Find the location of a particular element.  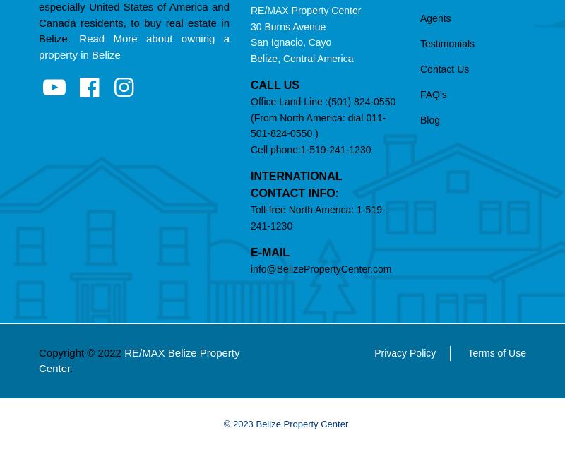

'Privacy Policy' is located at coordinates (404, 352).